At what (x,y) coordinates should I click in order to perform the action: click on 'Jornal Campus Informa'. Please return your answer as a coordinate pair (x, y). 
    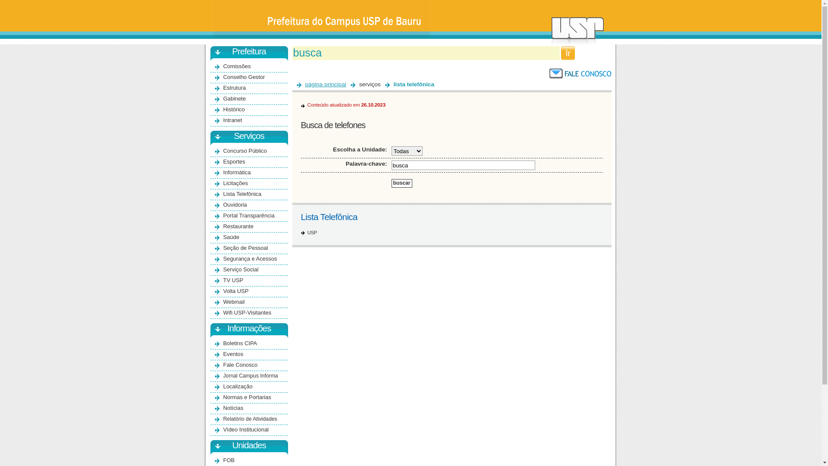
    Looking at the image, I should click on (250, 375).